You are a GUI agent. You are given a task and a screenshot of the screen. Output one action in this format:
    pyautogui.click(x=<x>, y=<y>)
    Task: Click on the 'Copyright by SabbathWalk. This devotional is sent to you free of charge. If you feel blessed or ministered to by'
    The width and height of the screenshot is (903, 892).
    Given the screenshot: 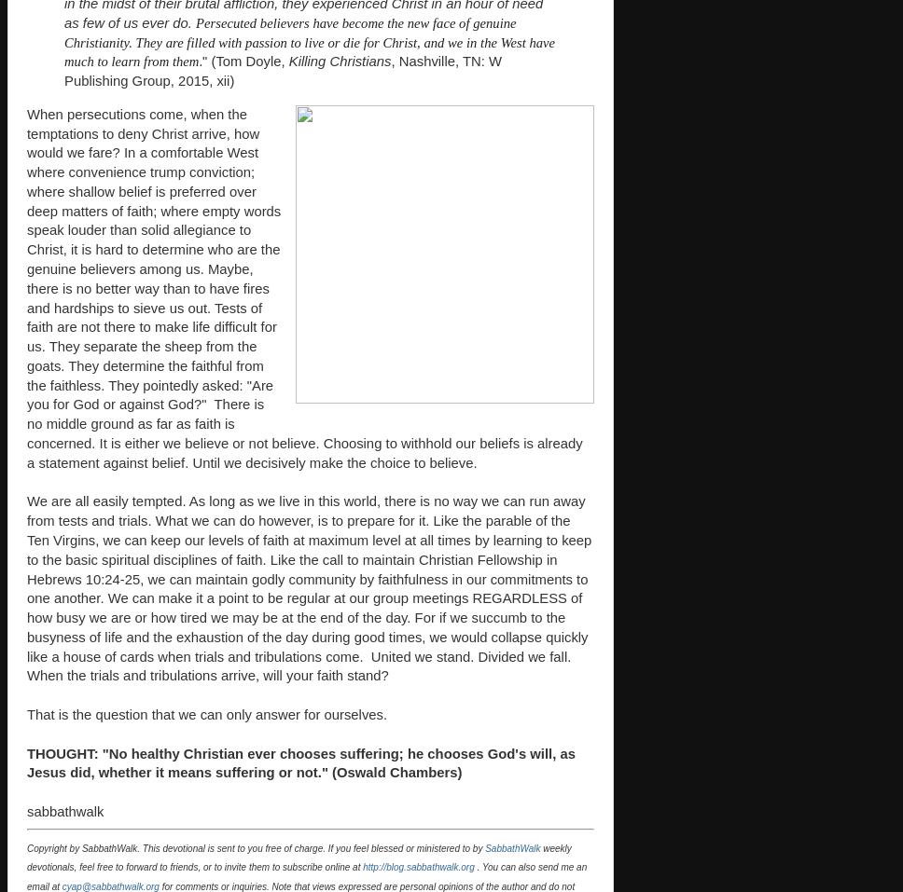 What is the action you would take?
    pyautogui.click(x=256, y=847)
    